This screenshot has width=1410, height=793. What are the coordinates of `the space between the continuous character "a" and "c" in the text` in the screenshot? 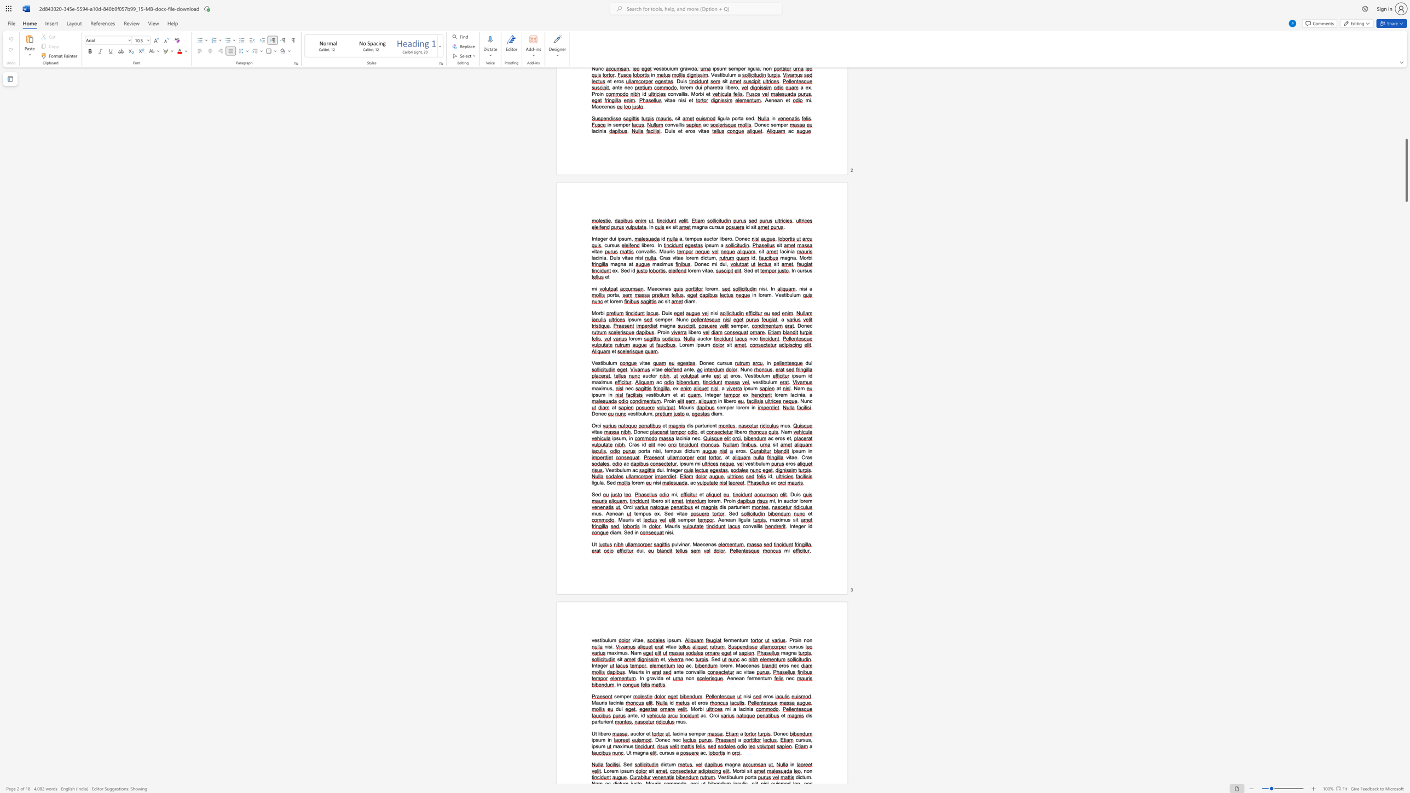 It's located at (703, 715).